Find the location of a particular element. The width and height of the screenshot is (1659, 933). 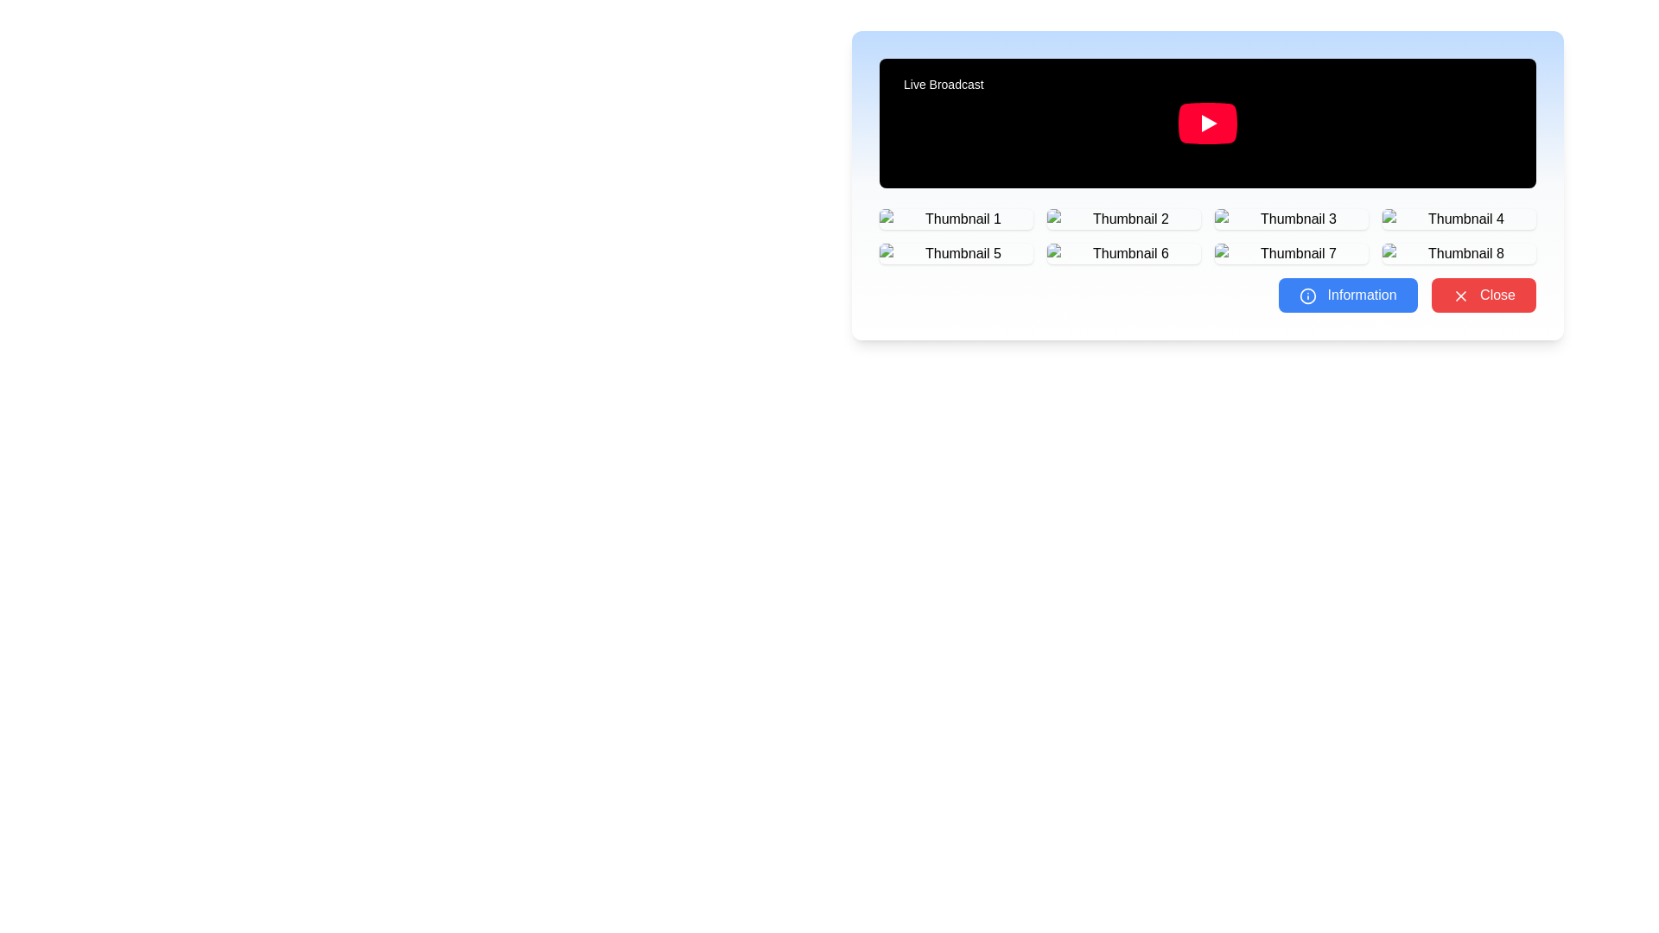

the Video Player located at the top of the card-like layout is located at coordinates (1206, 122).